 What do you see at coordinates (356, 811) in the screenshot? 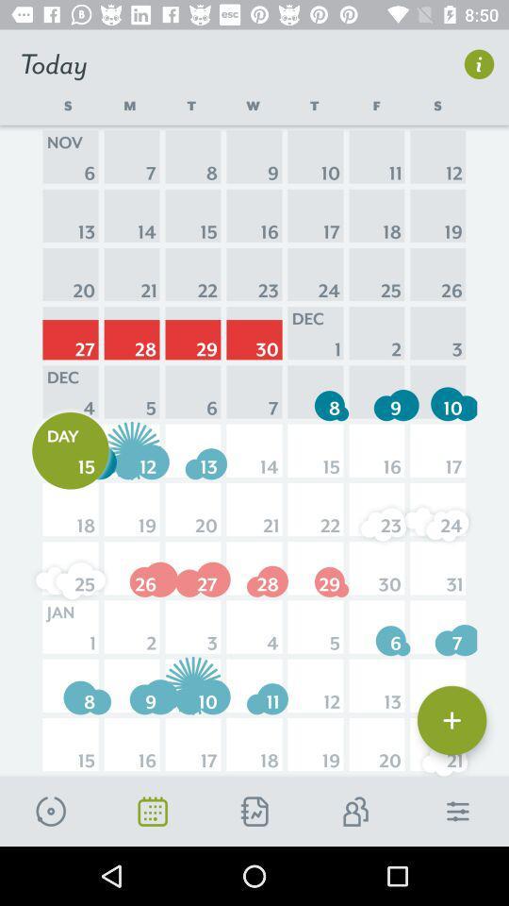
I see `the group icon` at bounding box center [356, 811].